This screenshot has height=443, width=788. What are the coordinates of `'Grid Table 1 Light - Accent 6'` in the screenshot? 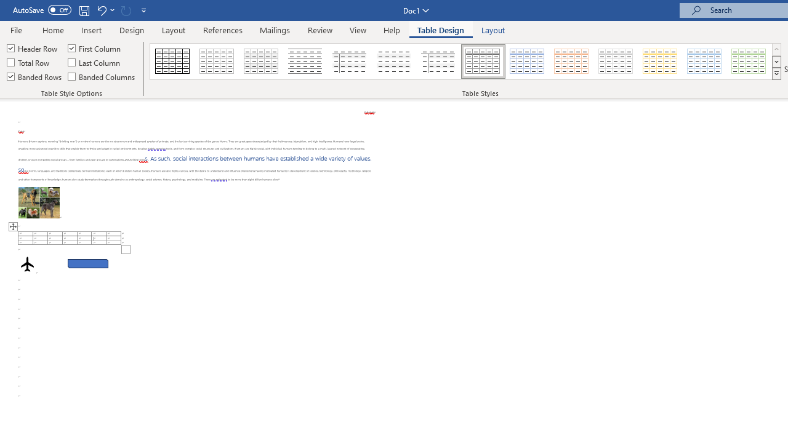 It's located at (749, 62).